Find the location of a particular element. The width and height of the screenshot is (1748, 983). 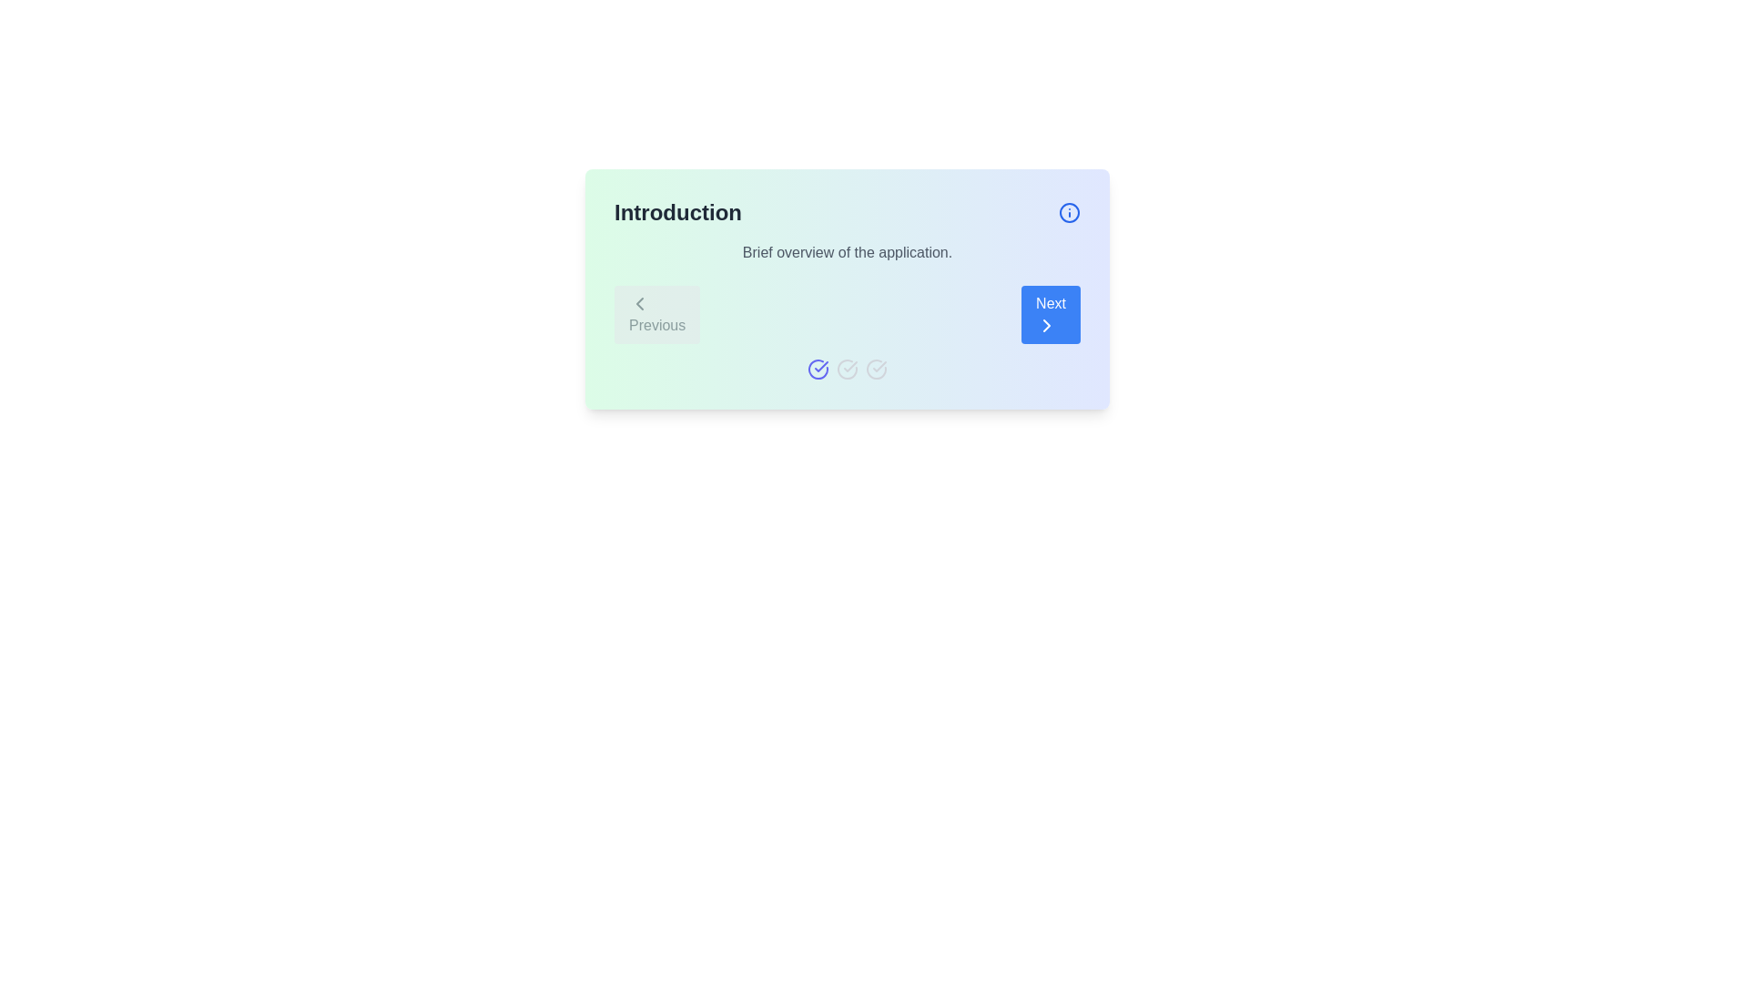

static text that displays 'Brief overview of the application.' located centrally beneath the 'Introduction' heading is located at coordinates (847, 252).